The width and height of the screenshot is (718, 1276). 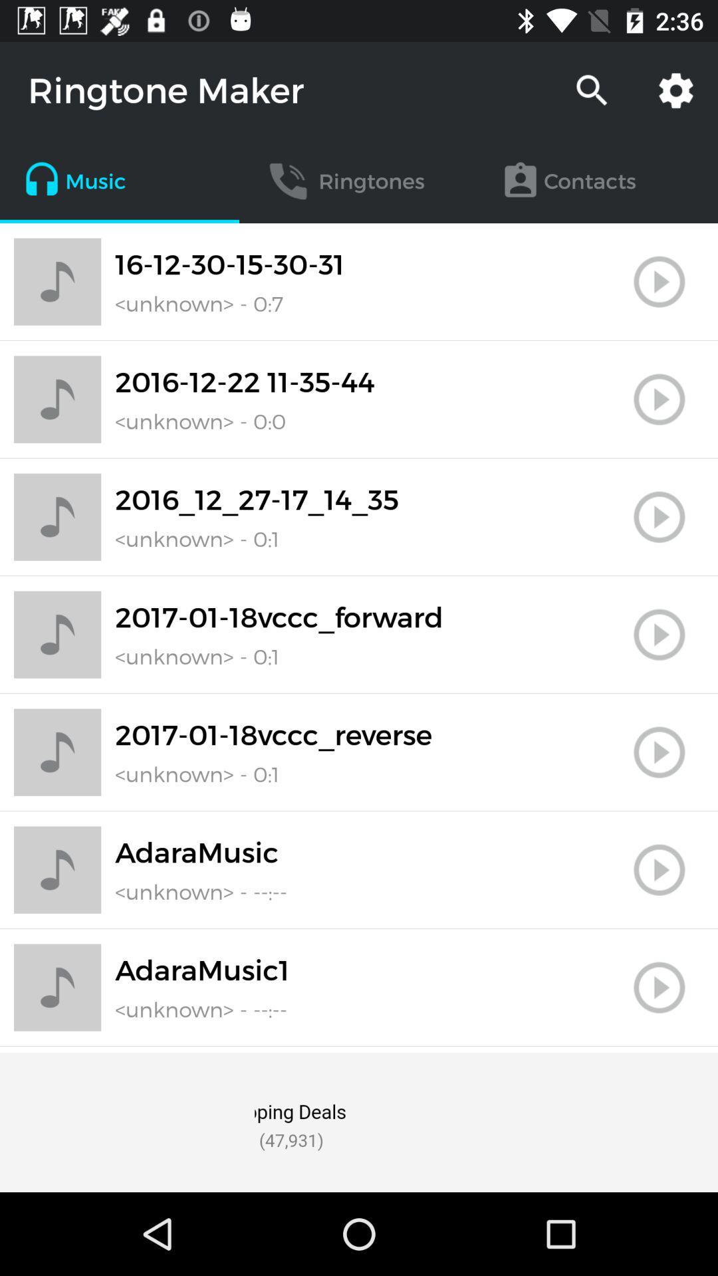 What do you see at coordinates (659, 516) in the screenshot?
I see `play` at bounding box center [659, 516].